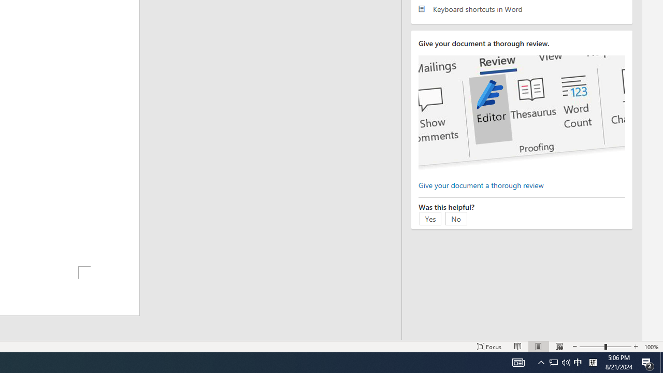 The height and width of the screenshot is (373, 663). What do you see at coordinates (456, 218) in the screenshot?
I see `'No'` at bounding box center [456, 218].